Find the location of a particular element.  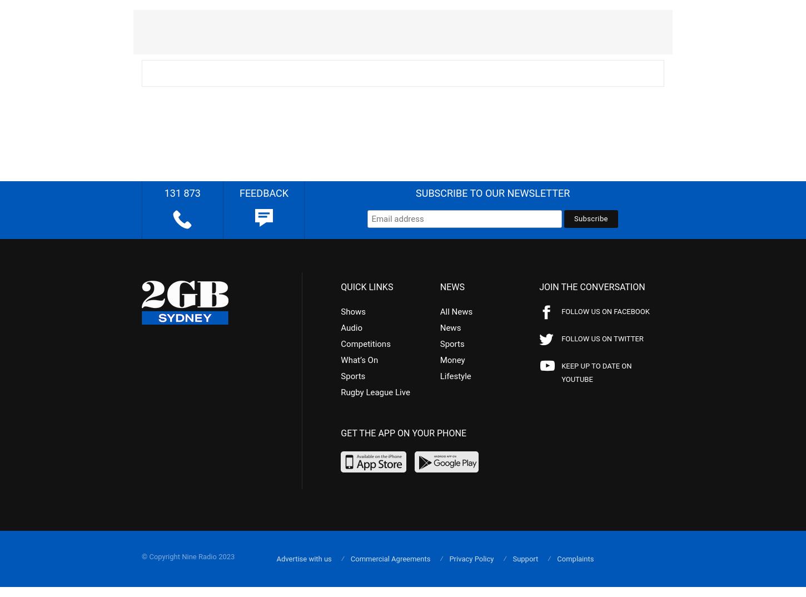

'News' is located at coordinates (450, 326).